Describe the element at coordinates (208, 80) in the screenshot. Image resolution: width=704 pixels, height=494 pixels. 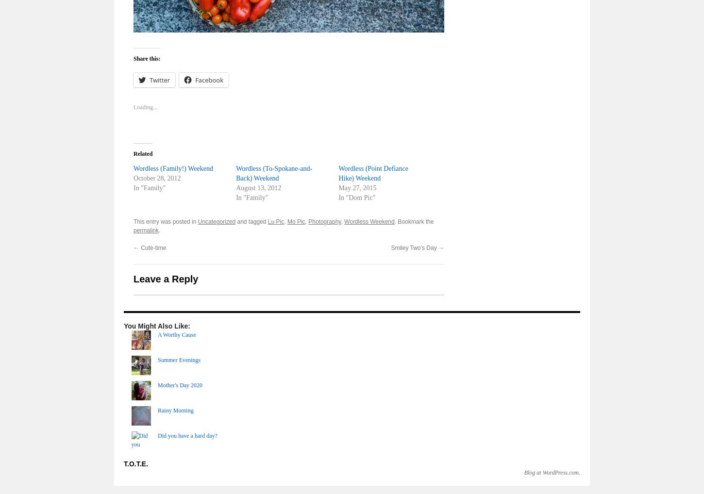
I see `'Facebook'` at that location.